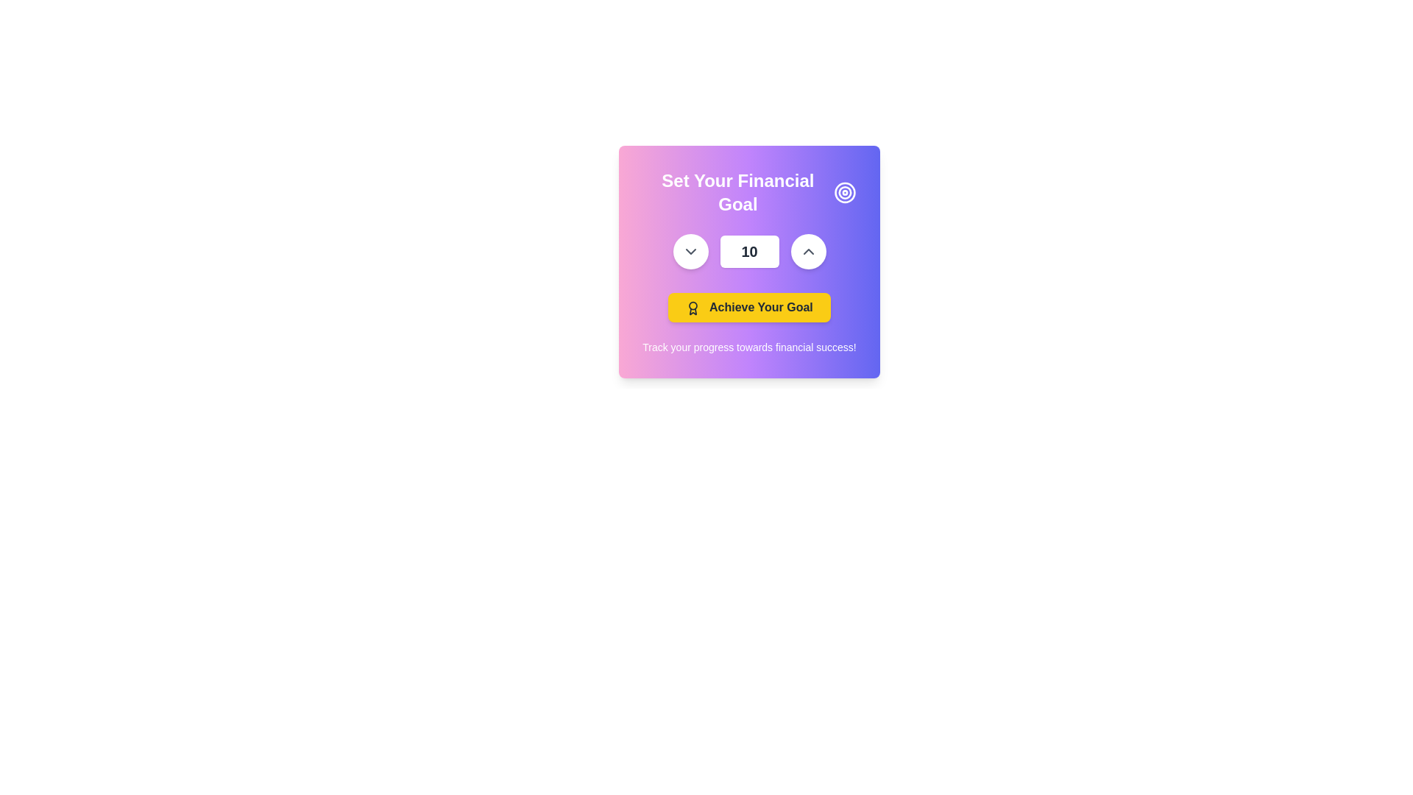 Image resolution: width=1413 pixels, height=795 pixels. I want to click on the icon located, so click(807, 251).